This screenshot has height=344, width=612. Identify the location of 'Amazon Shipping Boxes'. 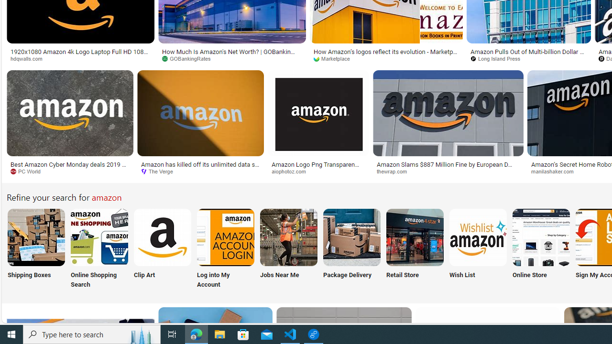
(36, 236).